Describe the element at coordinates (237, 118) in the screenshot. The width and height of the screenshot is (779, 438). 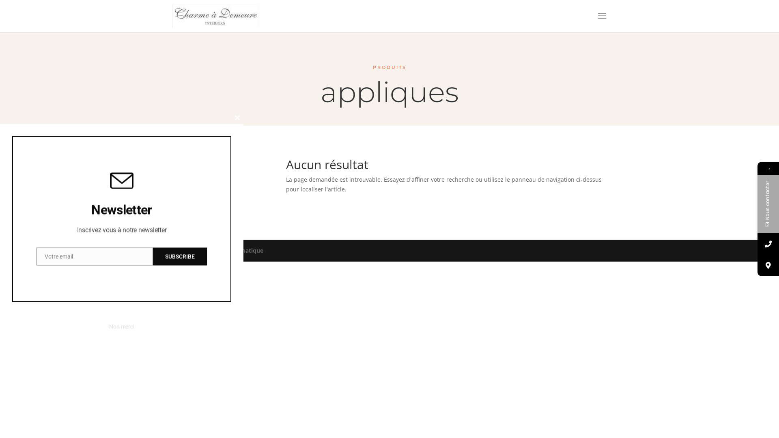
I see `'Close this module'` at that location.